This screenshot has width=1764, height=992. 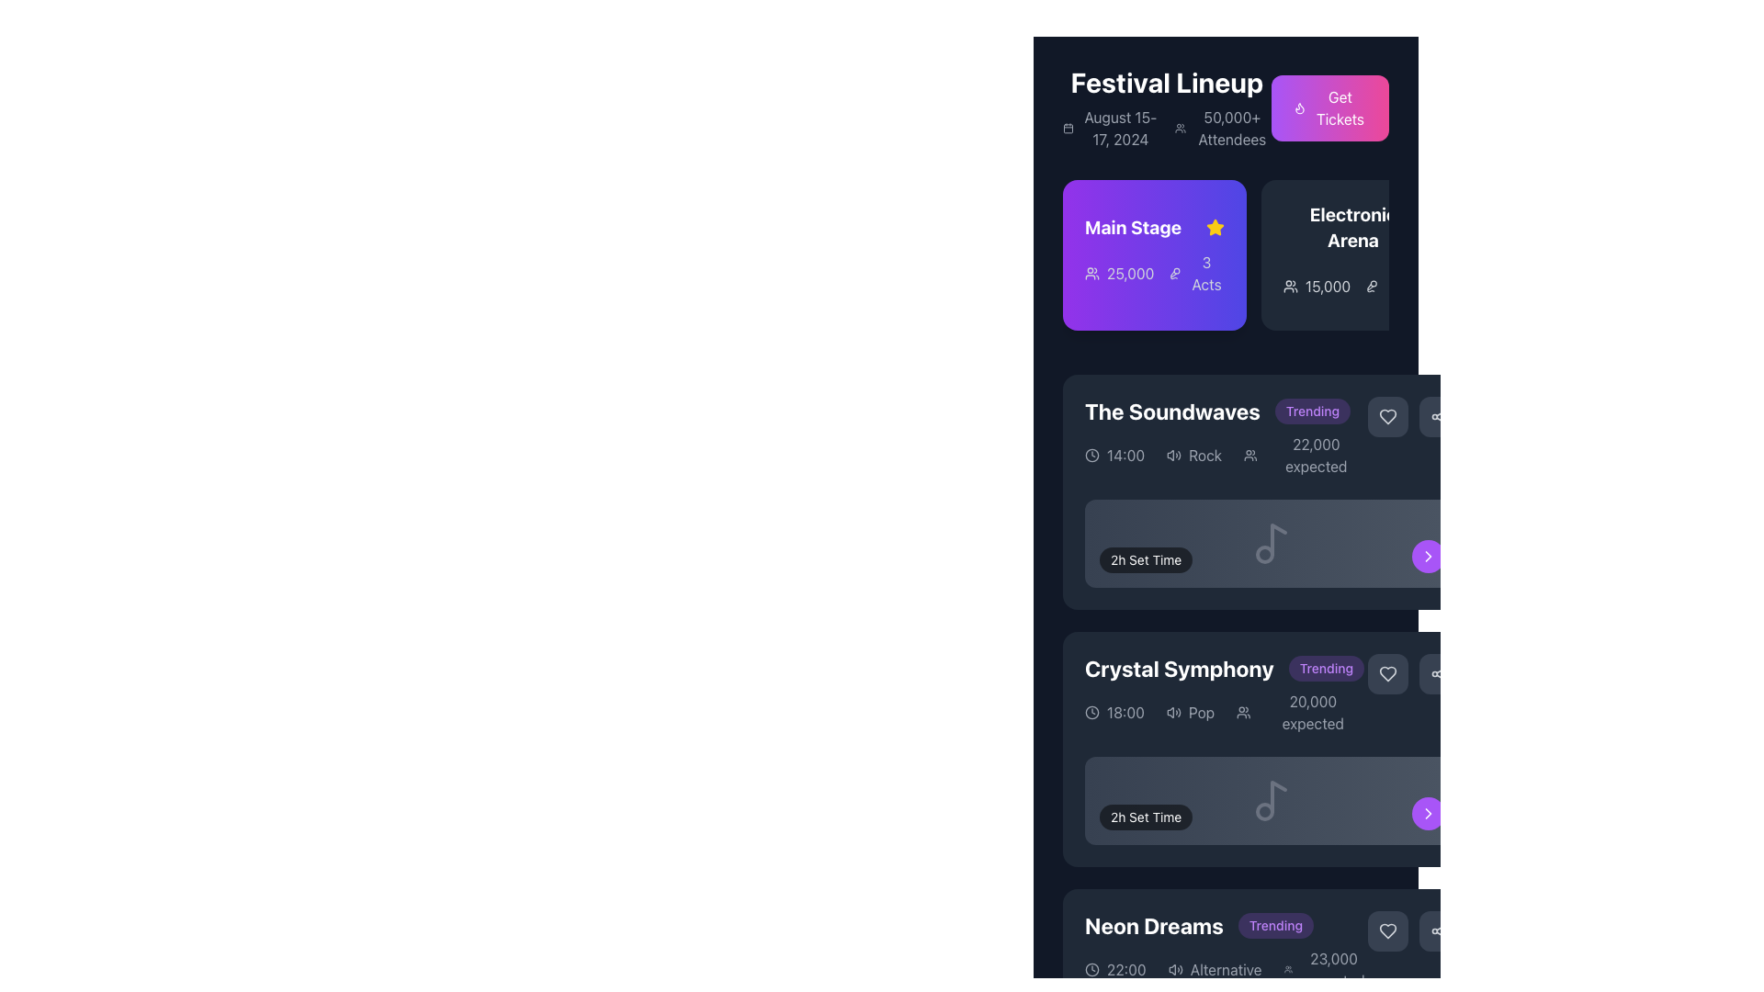 I want to click on the chevron icon styled in white on a purple circular background located at the right end of the 'Crystal Symphony' section, so click(x=1428, y=813).